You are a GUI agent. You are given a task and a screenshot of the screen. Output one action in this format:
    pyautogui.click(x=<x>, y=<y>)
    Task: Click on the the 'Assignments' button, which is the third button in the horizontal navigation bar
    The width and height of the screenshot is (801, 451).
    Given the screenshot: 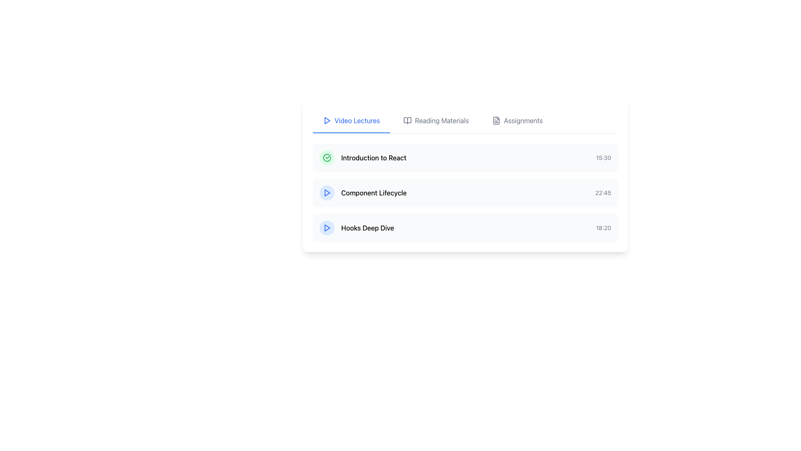 What is the action you would take?
    pyautogui.click(x=516, y=121)
    